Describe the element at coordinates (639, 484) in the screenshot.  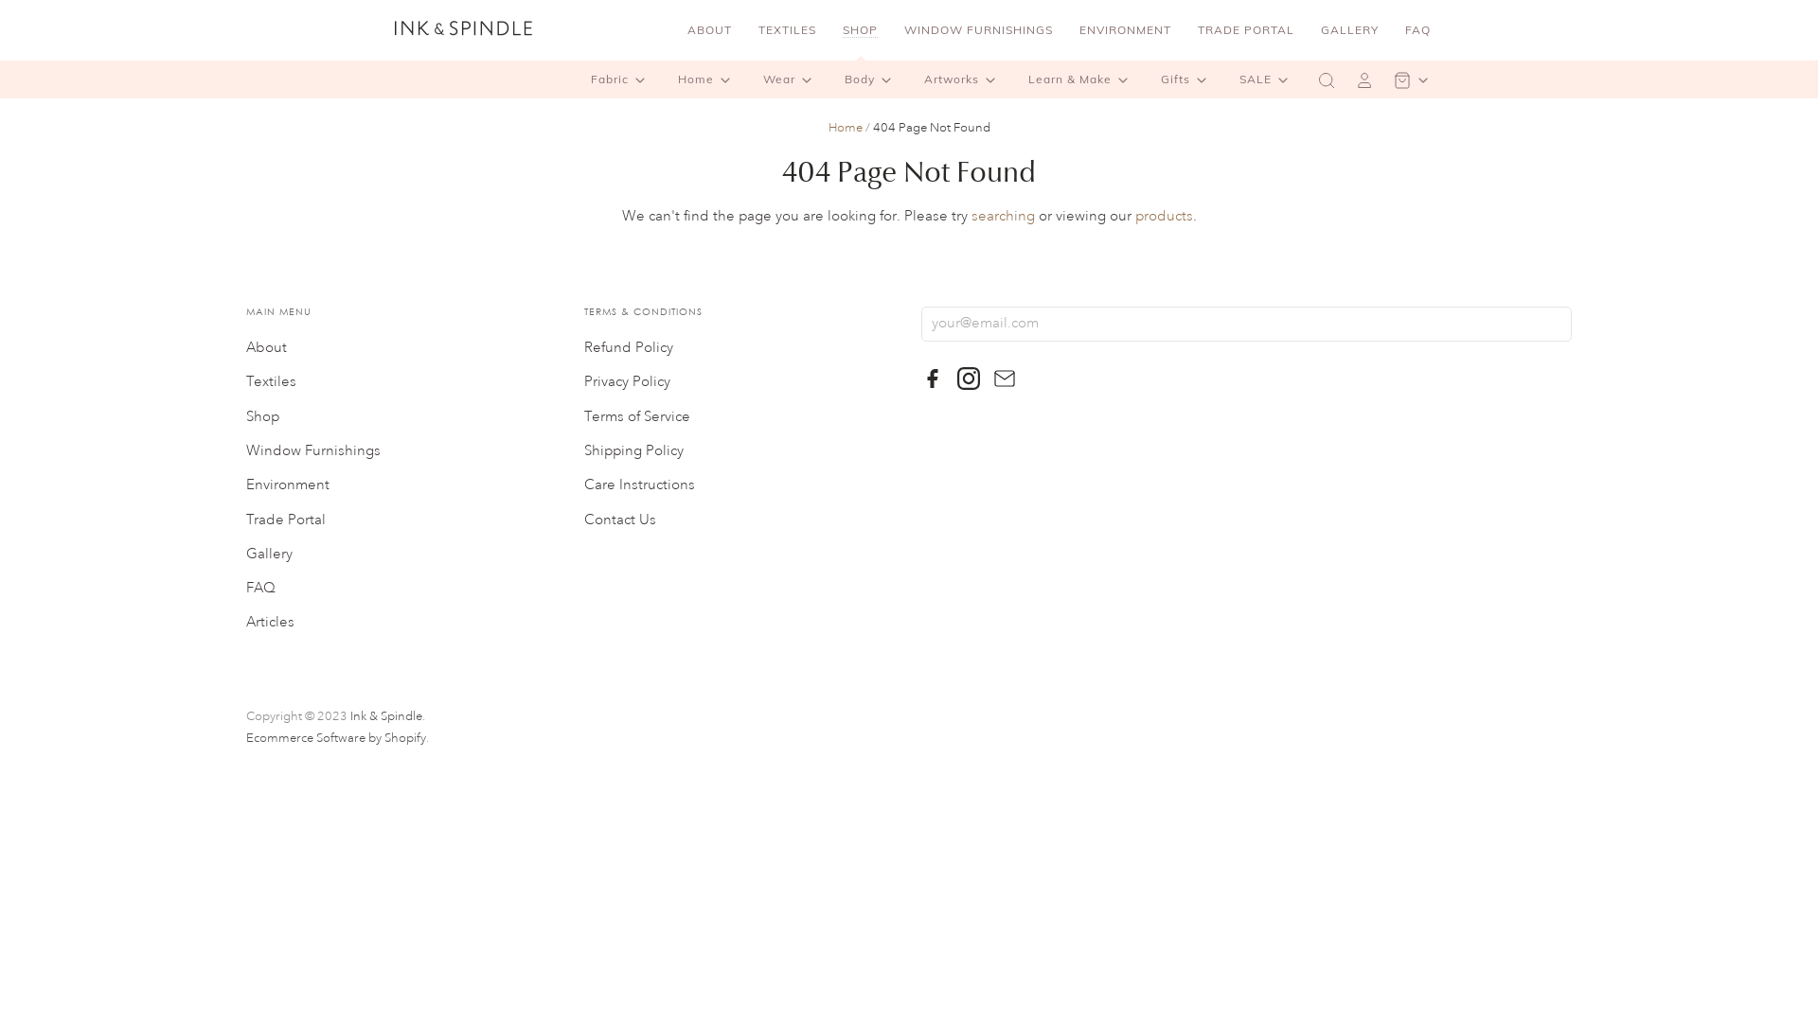
I see `'Care Instructions'` at that location.